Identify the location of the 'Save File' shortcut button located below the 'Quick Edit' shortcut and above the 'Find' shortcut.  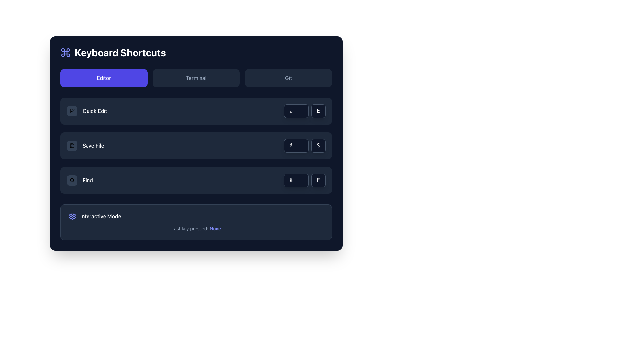
(85, 145).